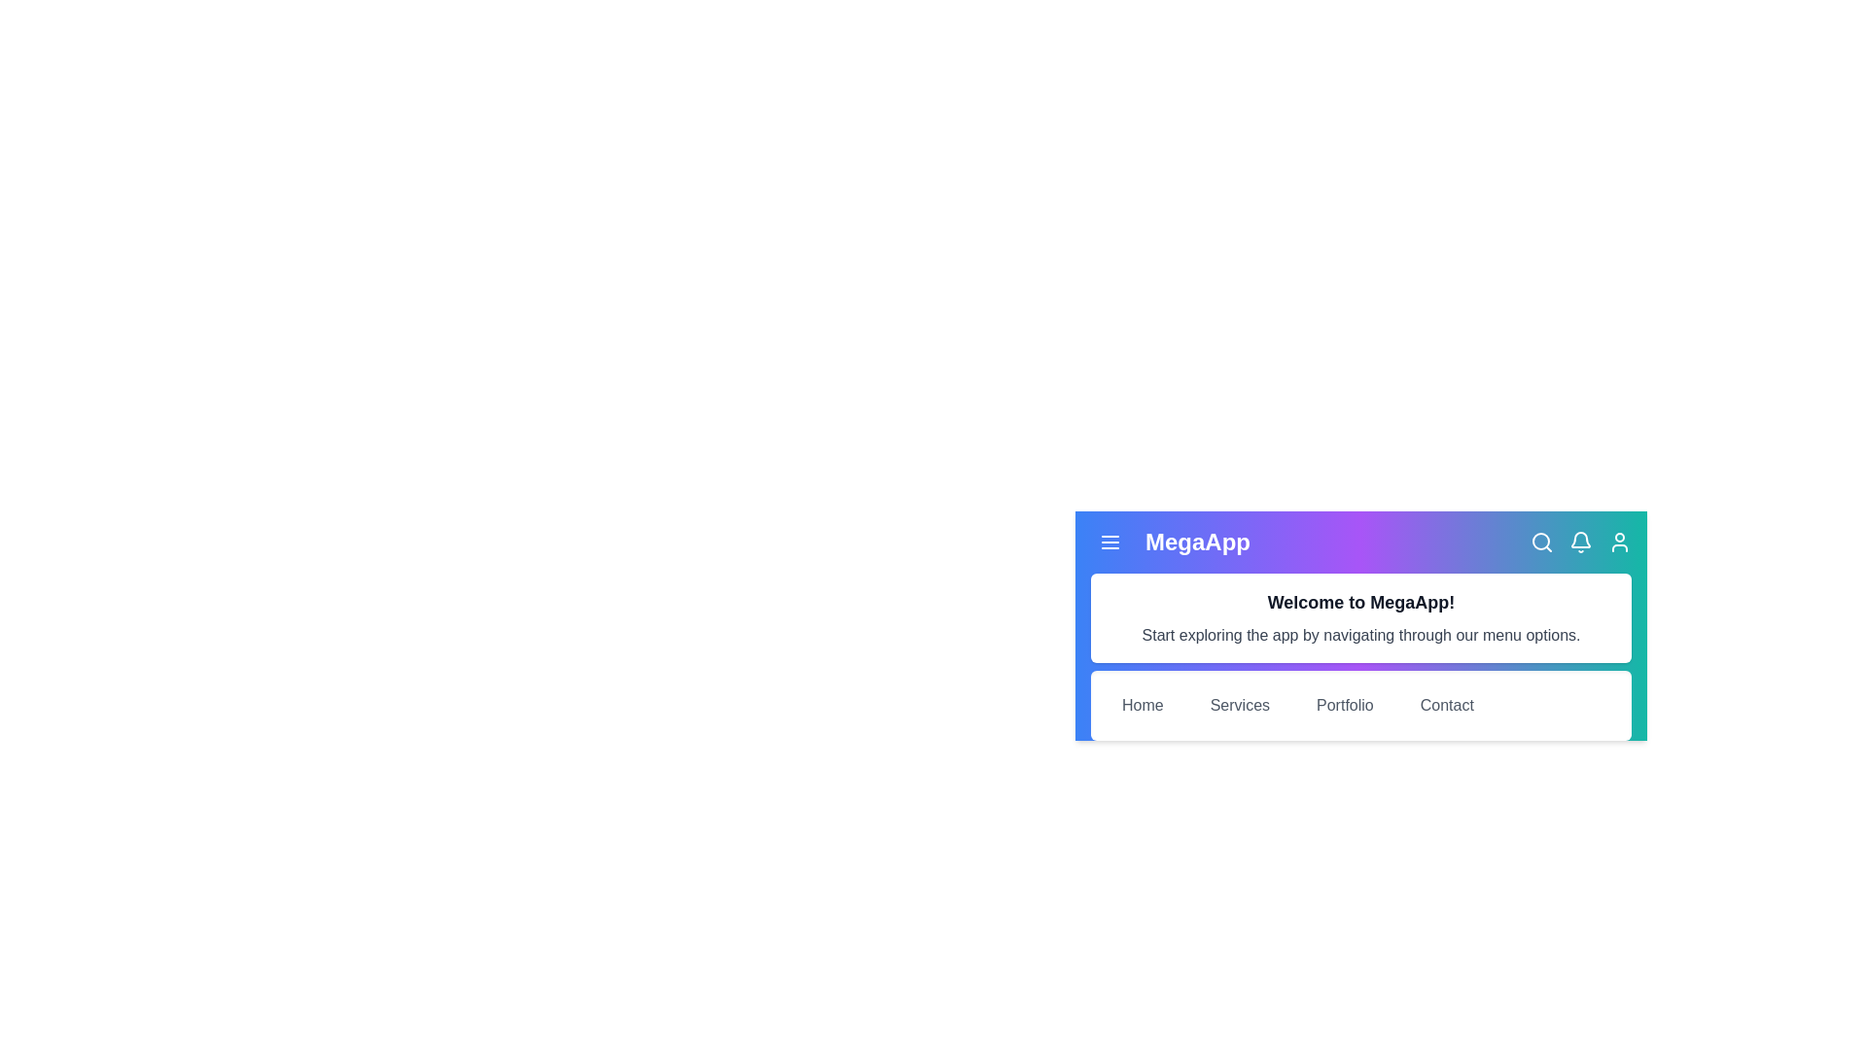  What do you see at coordinates (1619, 542) in the screenshot?
I see `the user icon in the app bar to access user-related actions` at bounding box center [1619, 542].